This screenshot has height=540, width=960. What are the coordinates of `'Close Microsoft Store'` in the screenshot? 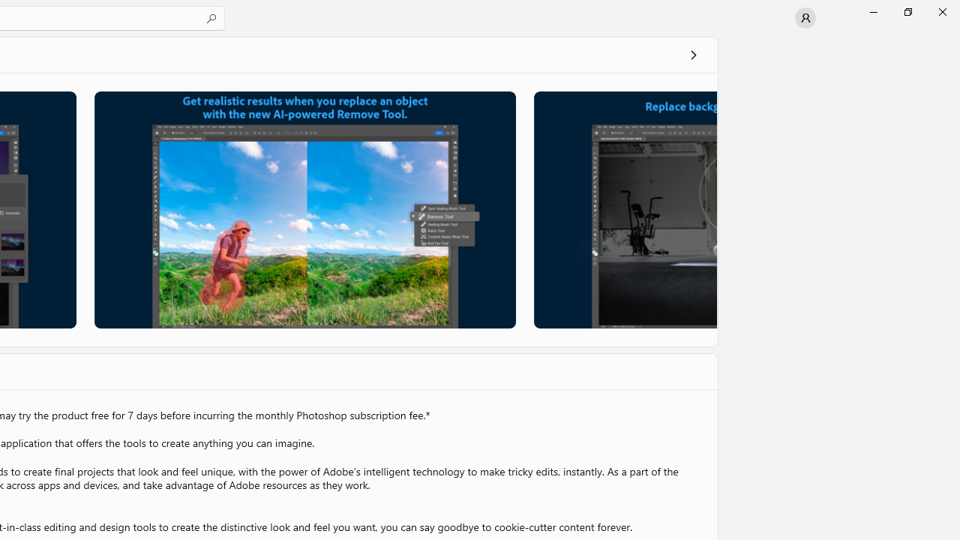 It's located at (941, 11).